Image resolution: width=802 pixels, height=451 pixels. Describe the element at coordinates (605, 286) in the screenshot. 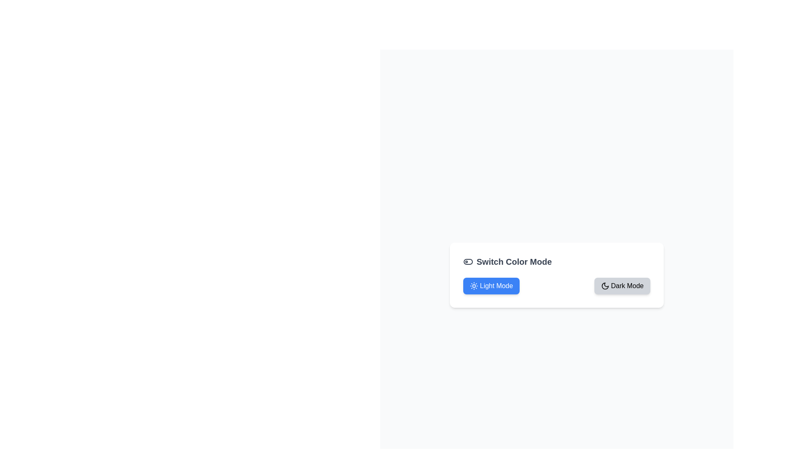

I see `the dark mode icon located to the left of the 'Switch Color Mode' text, which visually indicates the functionality for toggling between light and dark themes` at that location.